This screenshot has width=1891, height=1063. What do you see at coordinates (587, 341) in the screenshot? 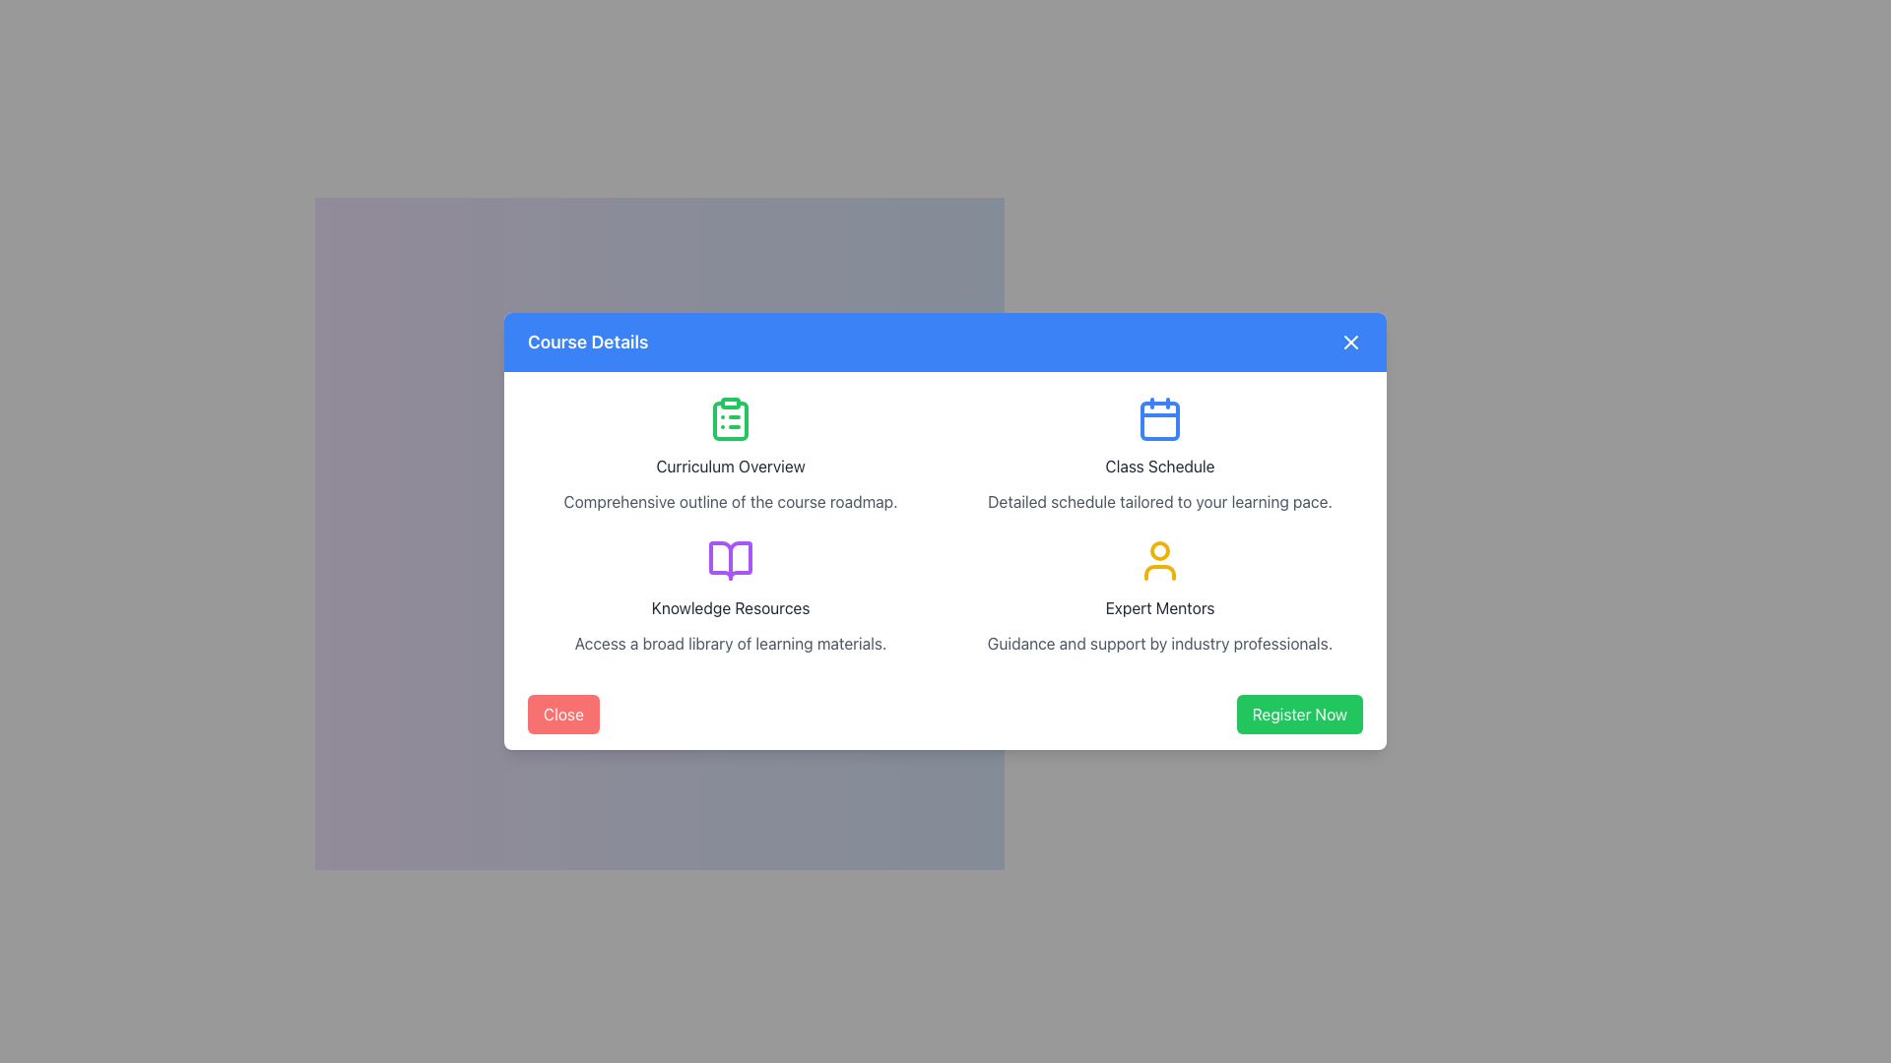
I see `the static text label within the blue header bar of the modal dialog, which serves as a title or descriptor for the content below` at bounding box center [587, 341].